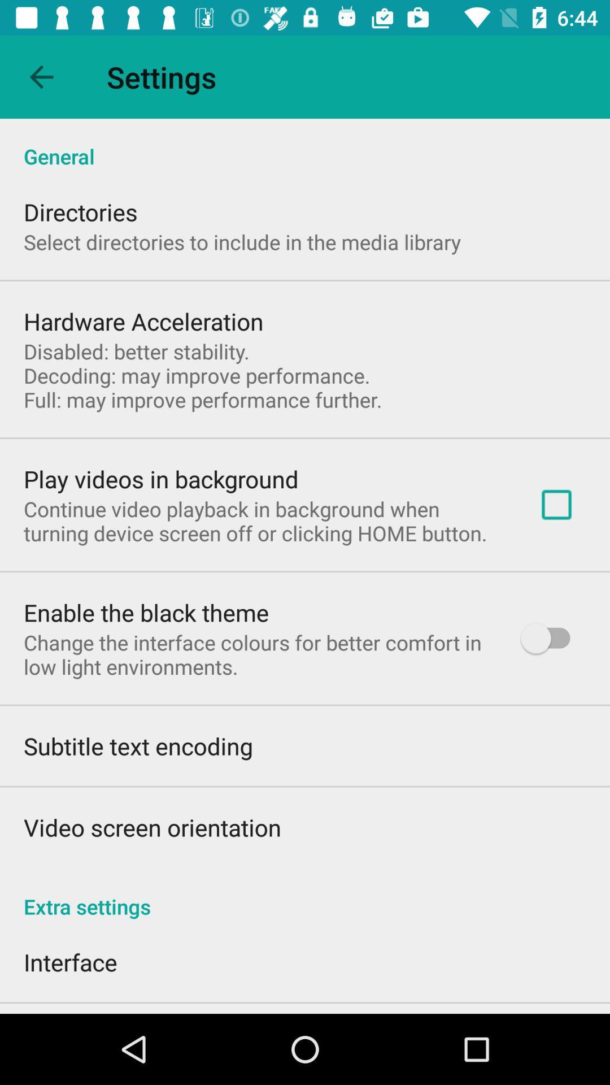 The width and height of the screenshot is (610, 1085). What do you see at coordinates (556, 504) in the screenshot?
I see `the app next to continue video playback icon` at bounding box center [556, 504].